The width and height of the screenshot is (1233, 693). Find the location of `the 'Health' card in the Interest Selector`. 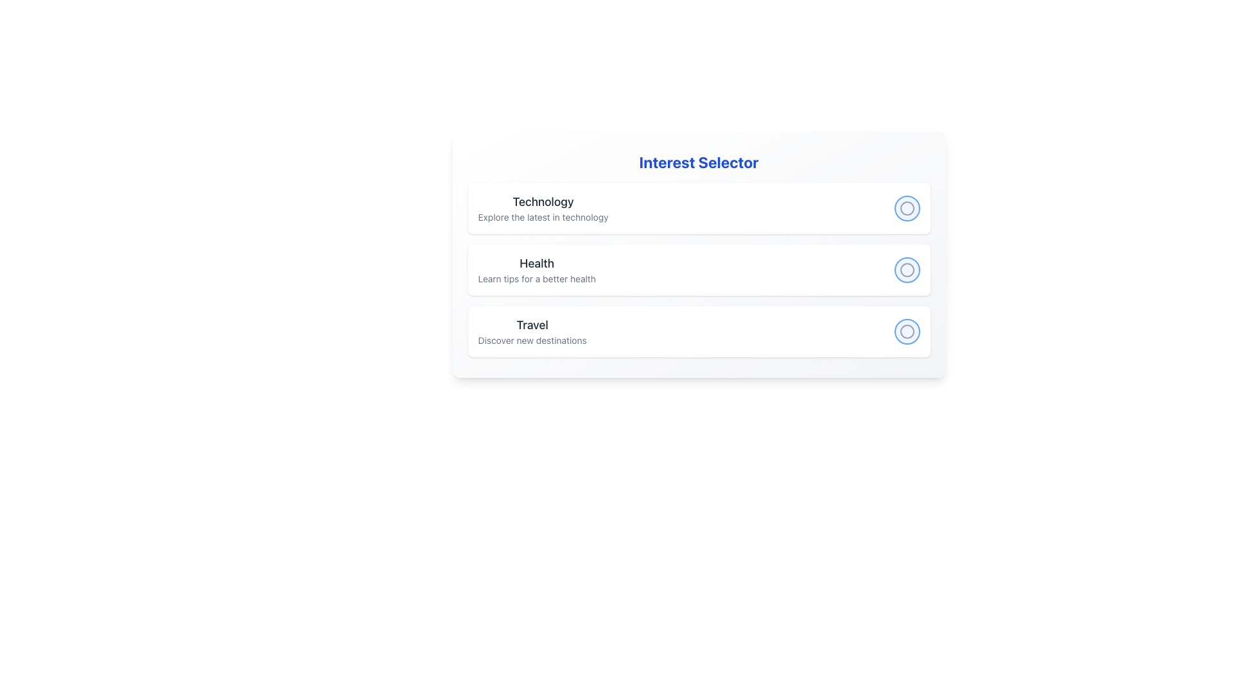

the 'Health' card in the Interest Selector is located at coordinates (698, 269).